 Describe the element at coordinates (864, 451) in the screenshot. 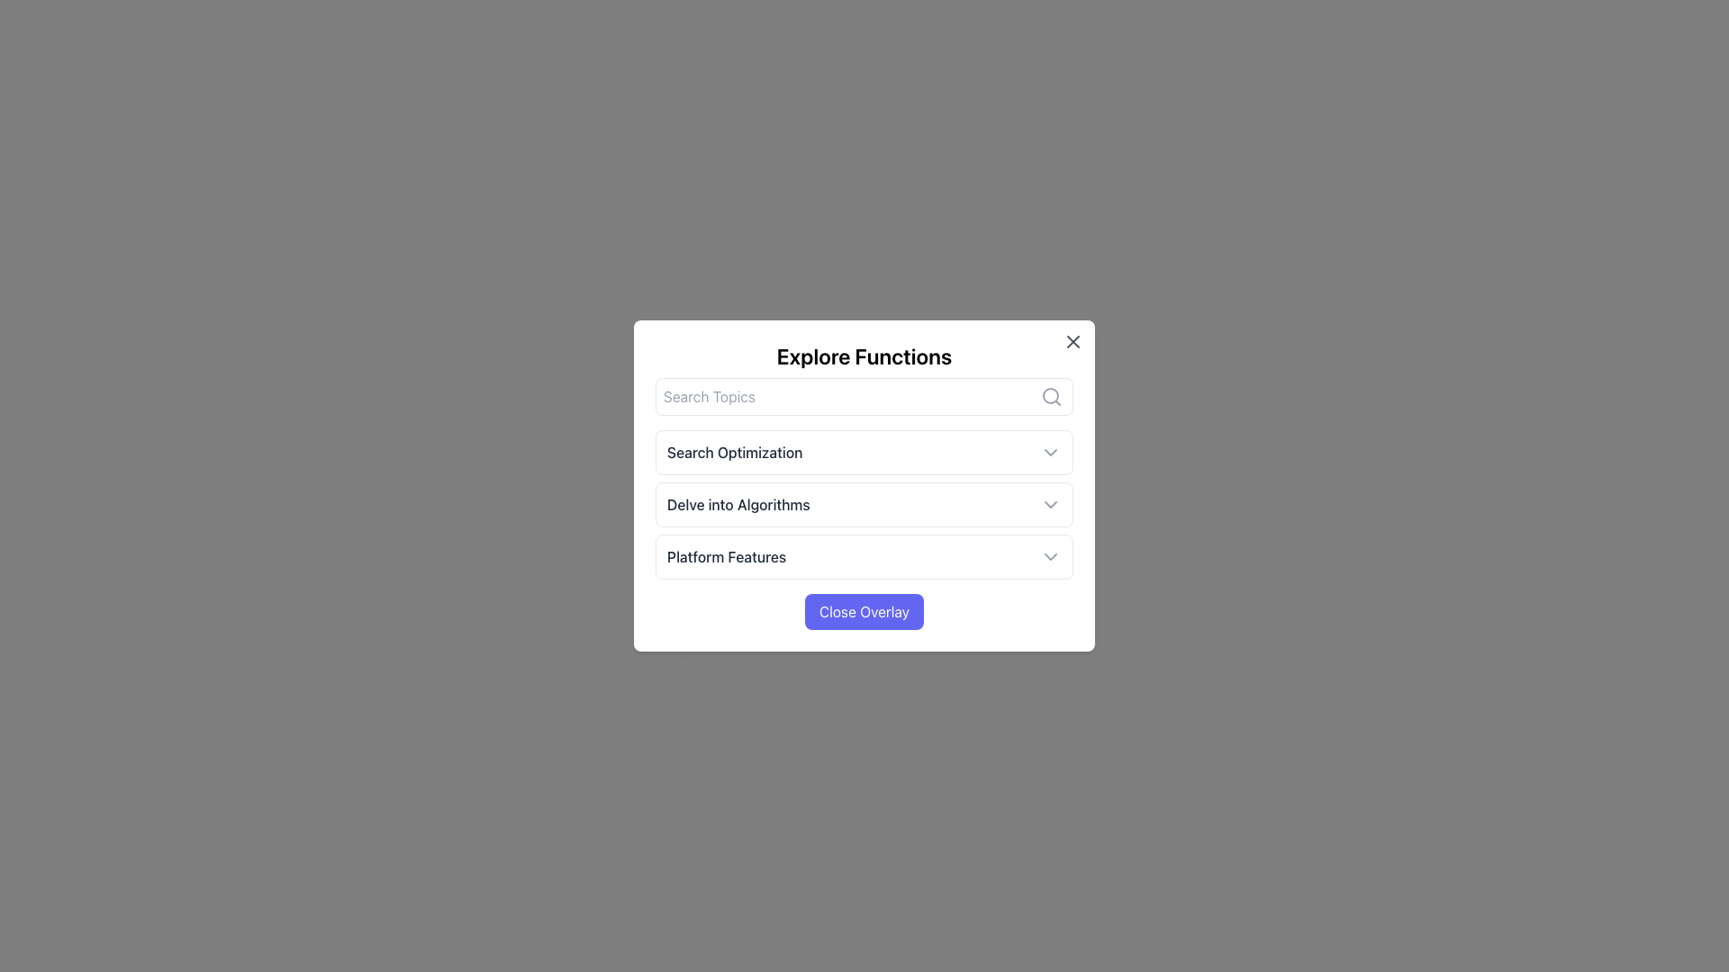

I see `the 'Search Optimization' dropdown button located in the modal dialog titled 'Explore Functions' for visual feedback` at that location.